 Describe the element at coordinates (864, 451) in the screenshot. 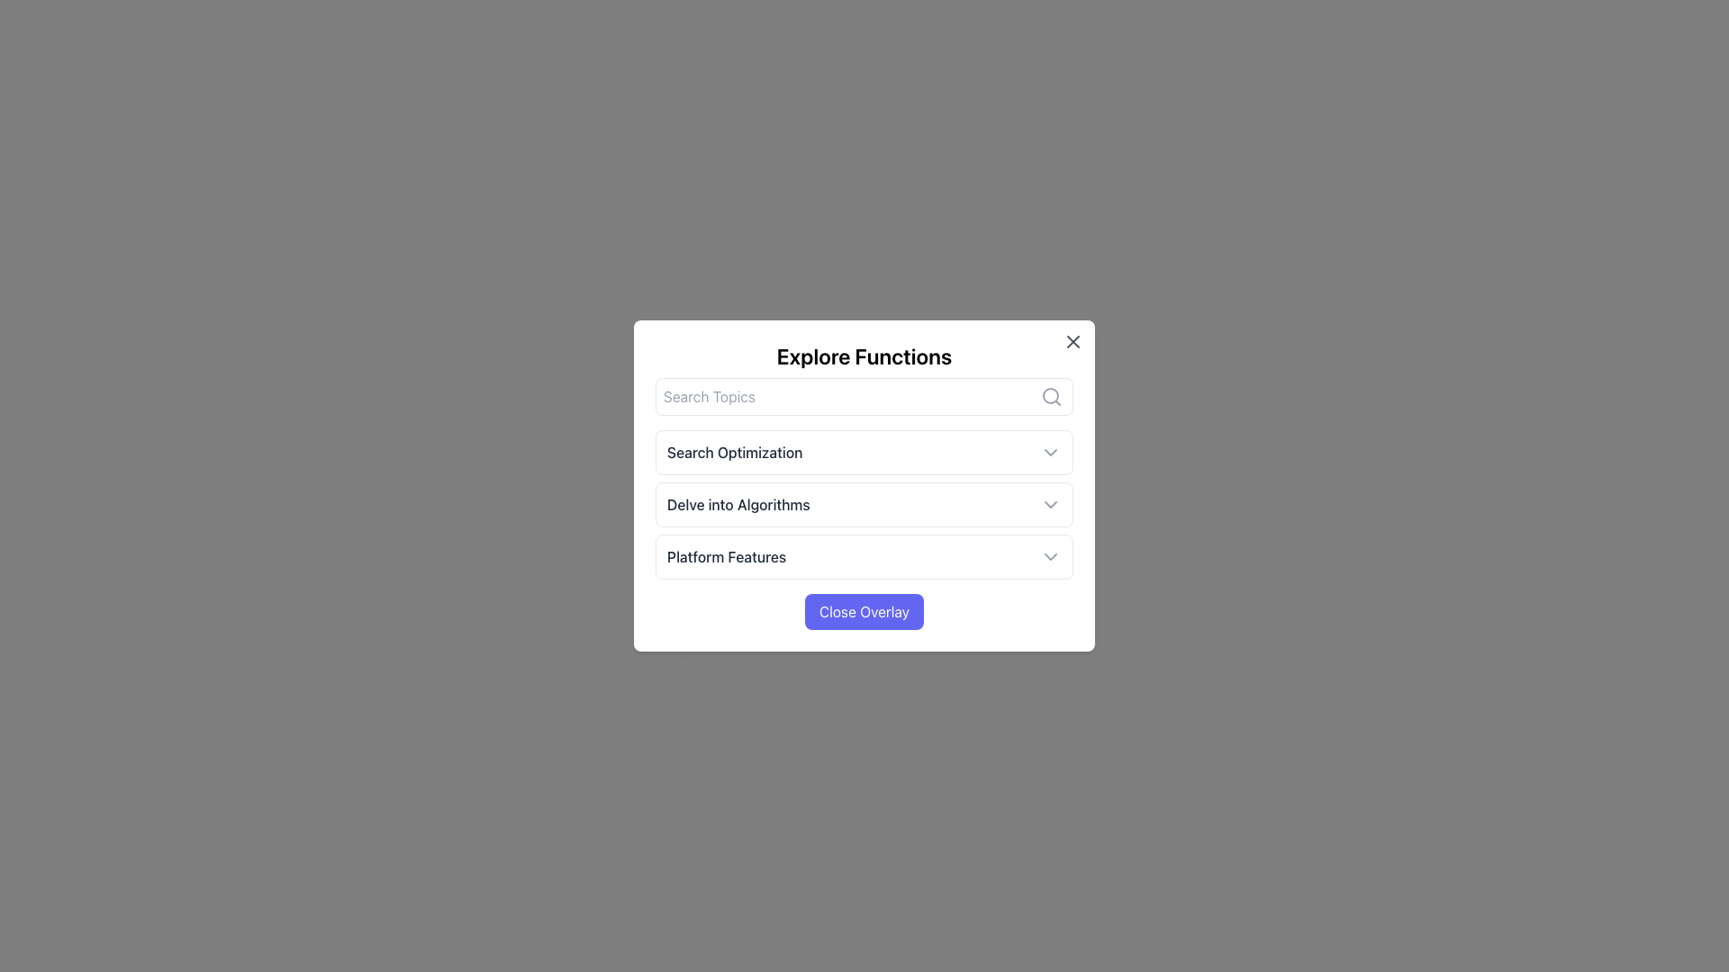

I see `the 'Search Optimization' dropdown button located in the modal dialog titled 'Explore Functions' for visual feedback` at that location.